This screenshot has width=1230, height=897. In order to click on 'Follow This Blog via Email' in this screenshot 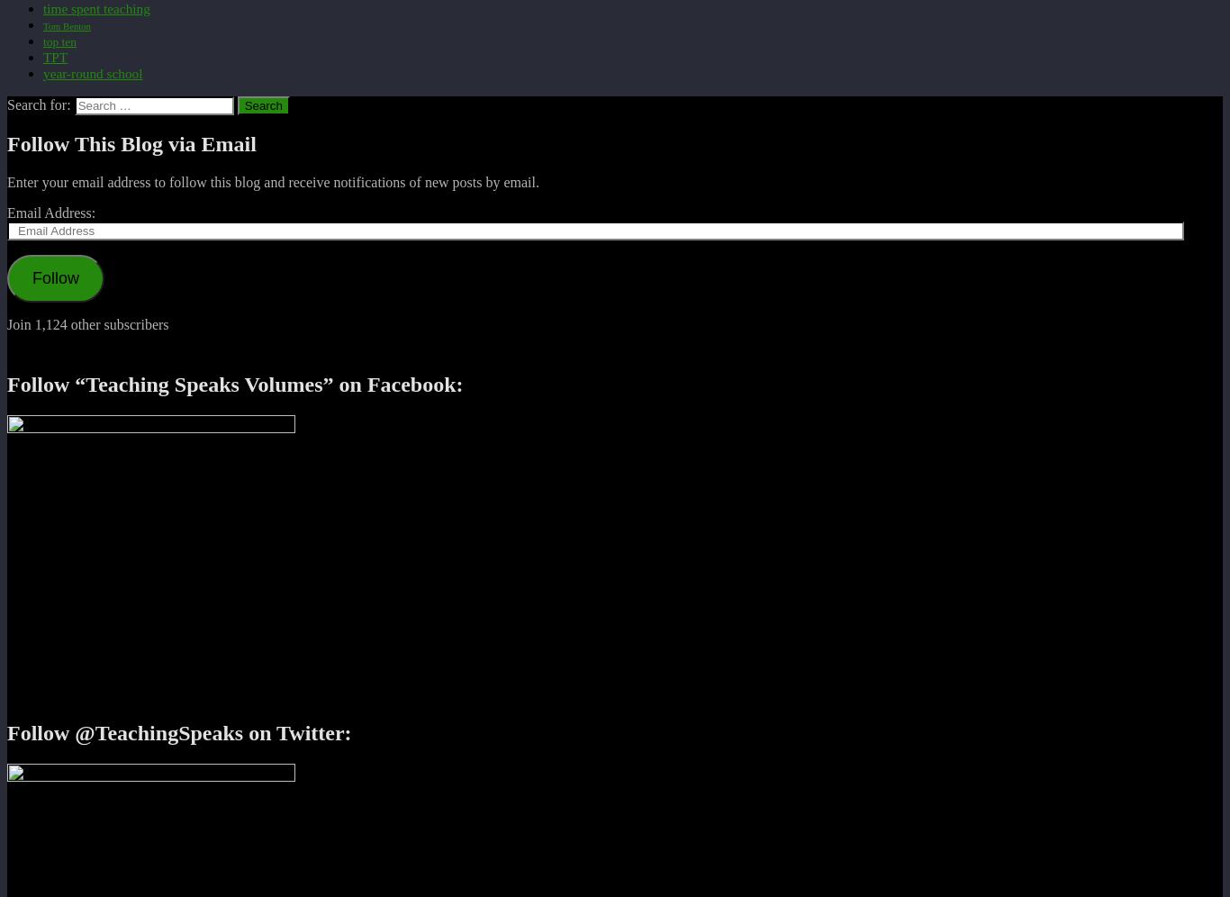, I will do `click(131, 142)`.